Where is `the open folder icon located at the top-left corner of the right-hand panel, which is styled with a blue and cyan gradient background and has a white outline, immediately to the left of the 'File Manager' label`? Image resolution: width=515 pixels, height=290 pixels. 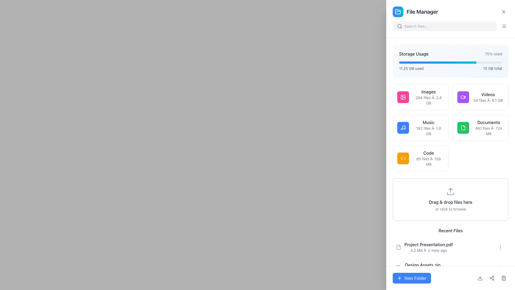 the open folder icon located at the top-left corner of the right-hand panel, which is styled with a blue and cyan gradient background and has a white outline, immediately to the left of the 'File Manager' label is located at coordinates (398, 12).